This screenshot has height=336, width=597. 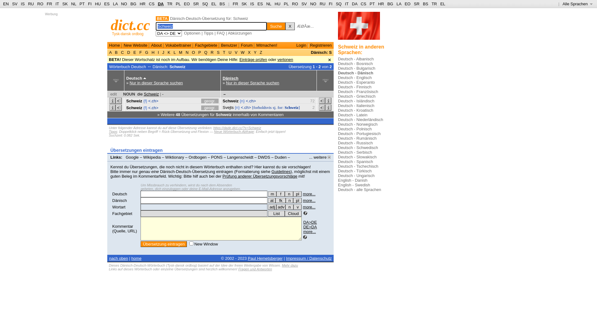 I want to click on 'die Schweiz', so click(x=148, y=94).